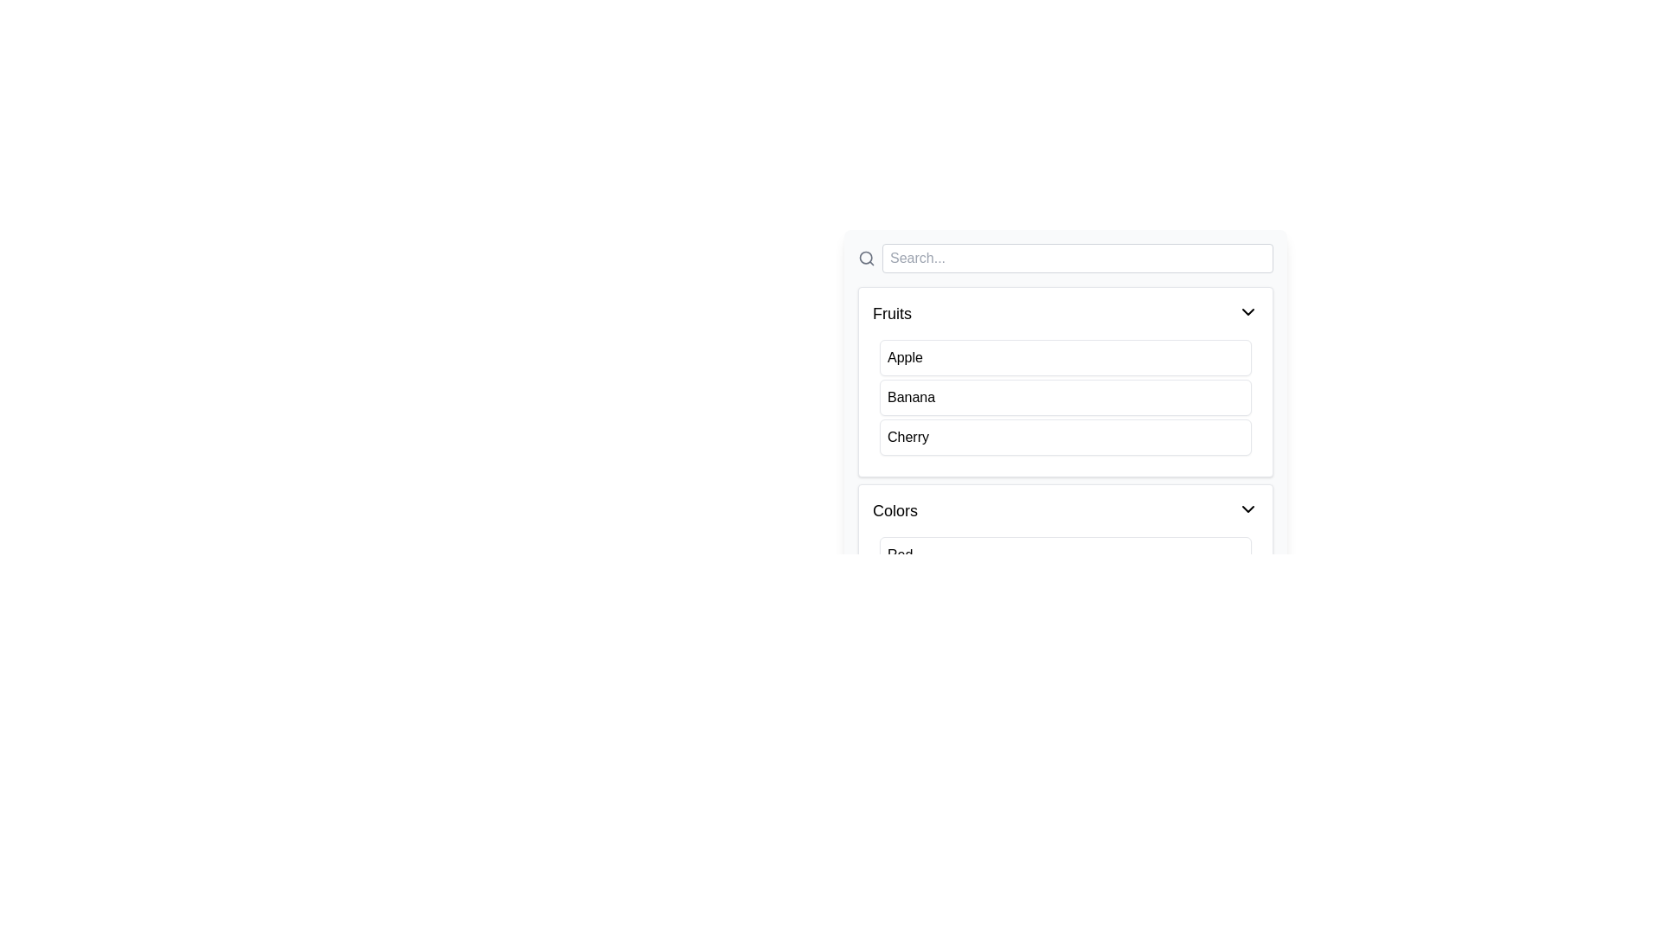 The height and width of the screenshot is (934, 1661). Describe the element at coordinates (1065, 579) in the screenshot. I see `the 'Colors' dropdown selection menu` at that location.